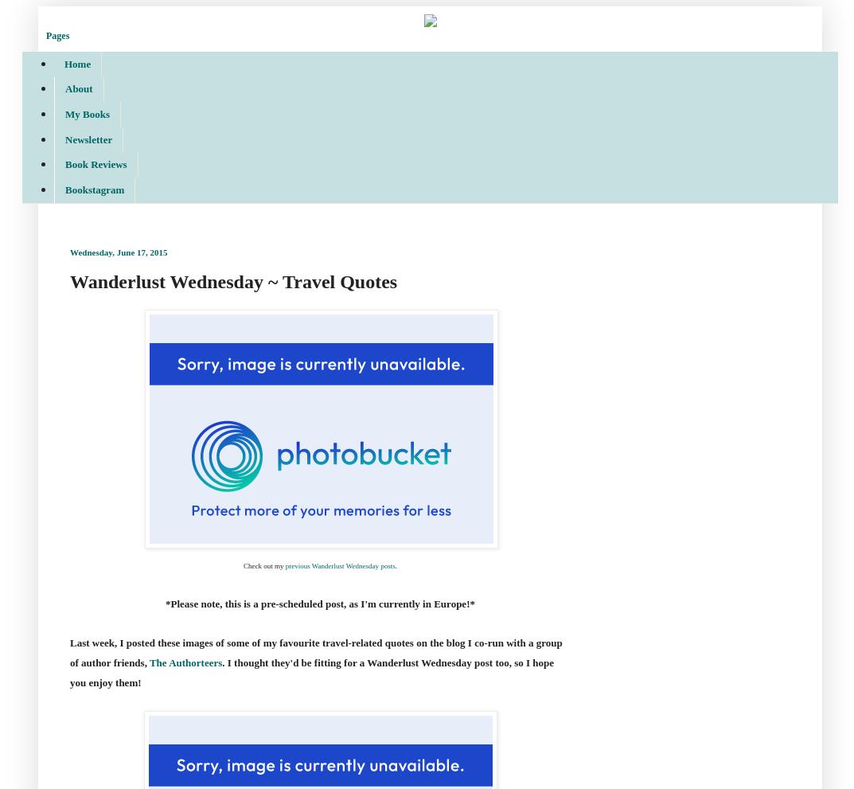  What do you see at coordinates (339, 564) in the screenshot?
I see `'previous Wanderlust Wednesday posts'` at bounding box center [339, 564].